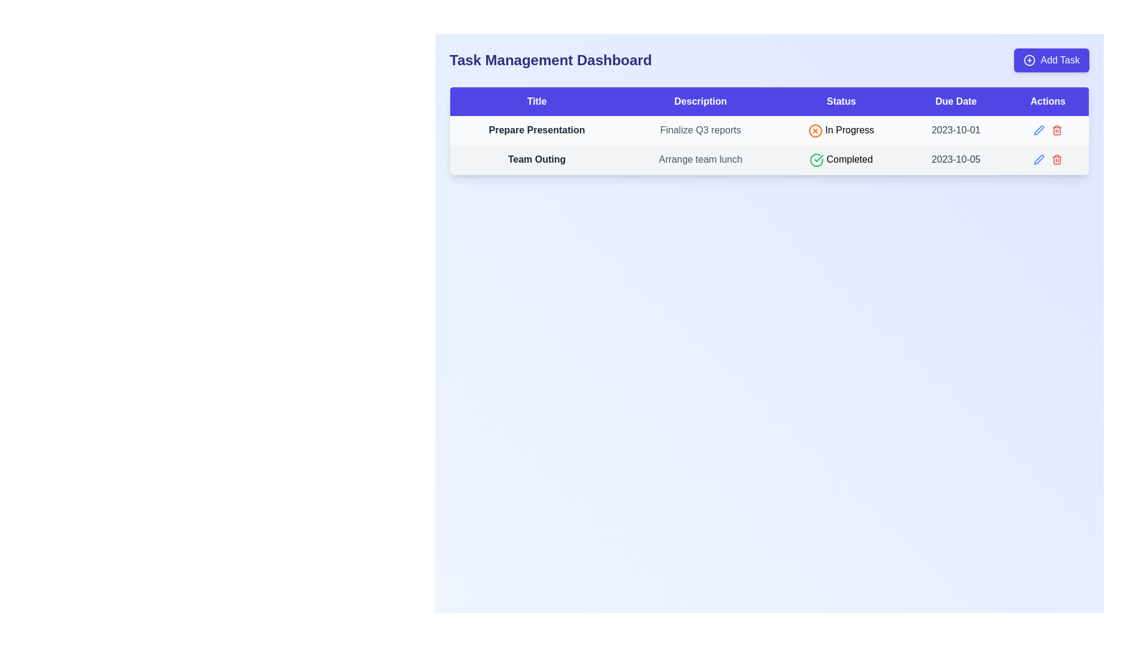 Image resolution: width=1148 pixels, height=646 pixels. What do you see at coordinates (536, 100) in the screenshot?
I see `the 'Title' header of the task management table, which is the first header in the row, positioned to the far left` at bounding box center [536, 100].